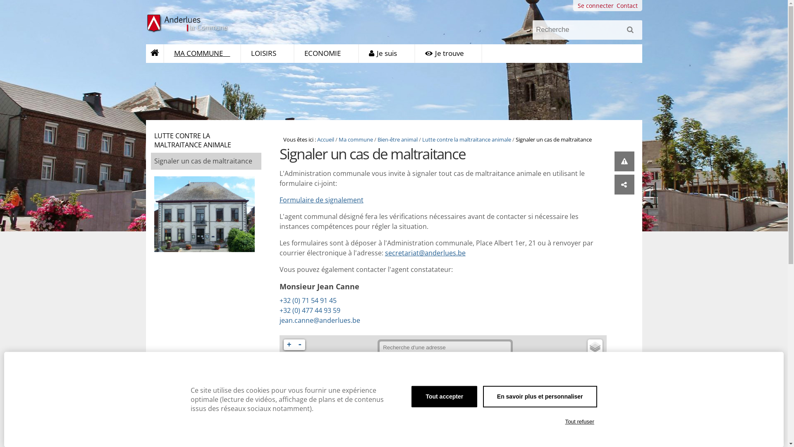  What do you see at coordinates (206, 161) in the screenshot?
I see `'Signaler un cas de maltraitance'` at bounding box center [206, 161].